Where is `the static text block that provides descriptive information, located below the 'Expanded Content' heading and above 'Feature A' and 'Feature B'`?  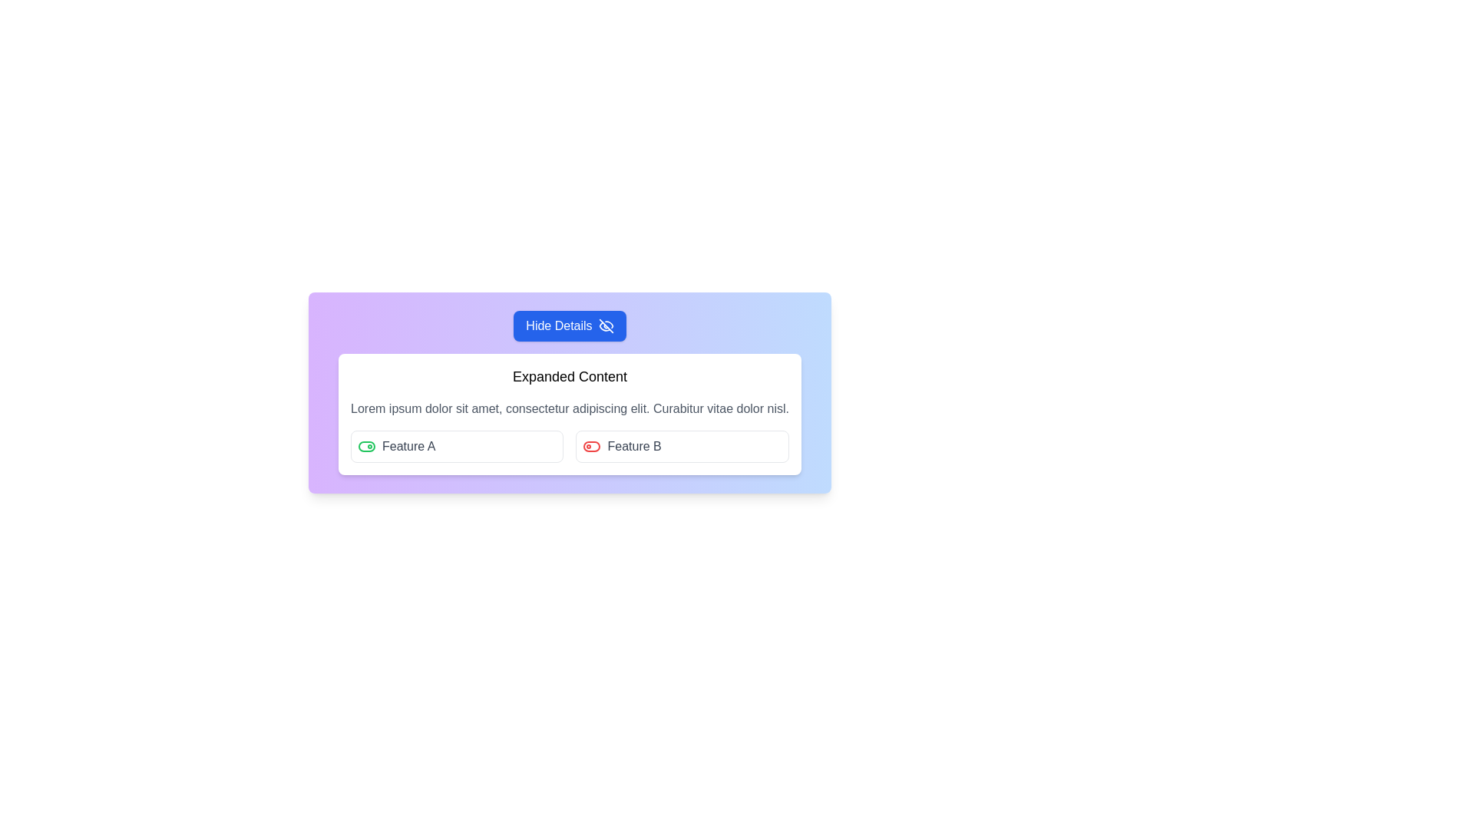
the static text block that provides descriptive information, located below the 'Expanded Content' heading and above 'Feature A' and 'Feature B' is located at coordinates (569, 408).